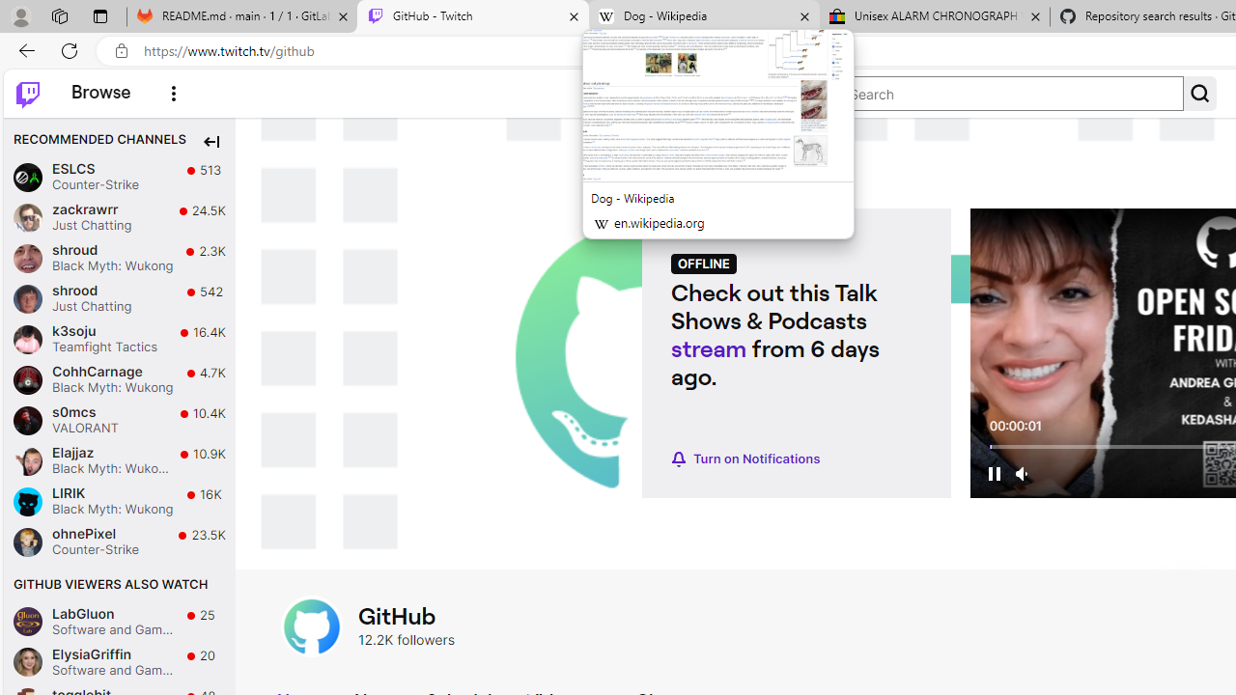  Describe the element at coordinates (119, 257) in the screenshot. I see `'shroud shroud Black Myth: Wukong Live 2.3K viewers'` at that location.